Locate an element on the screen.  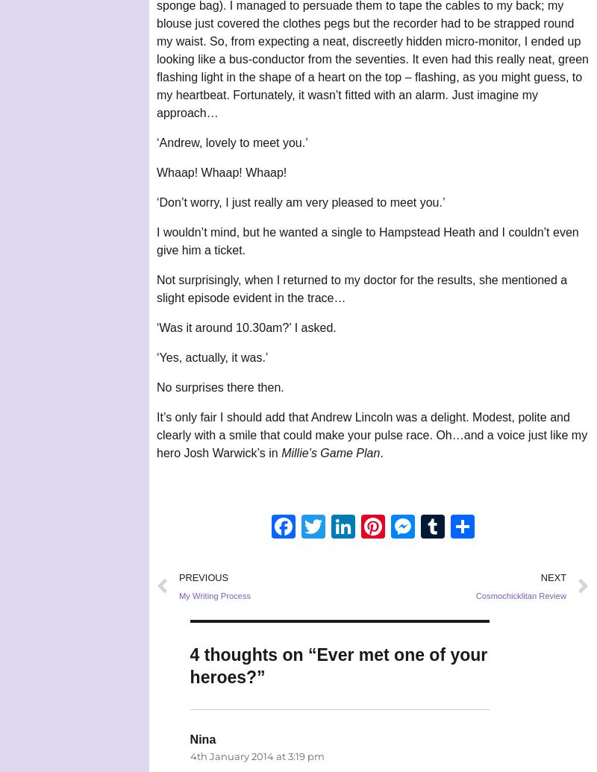
'LinkedIn' is located at coordinates (355, 525).